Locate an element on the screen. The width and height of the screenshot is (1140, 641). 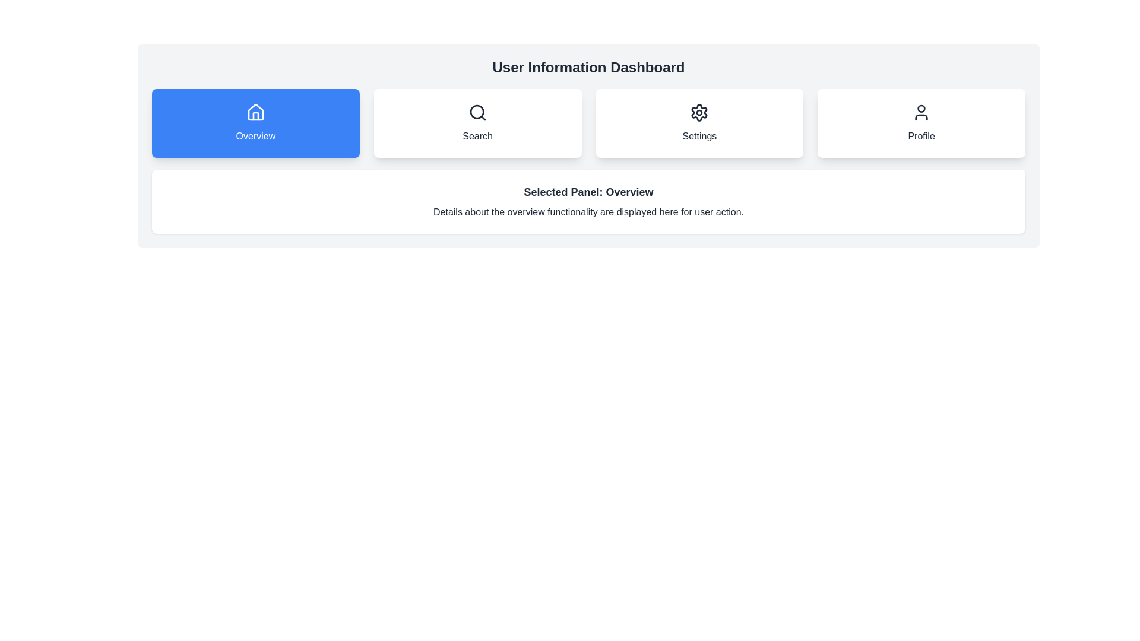
text label that says 'Profile', which is styled in black and located below a user silhouette icon in the fourth button of the navigation group is located at coordinates (921, 136).